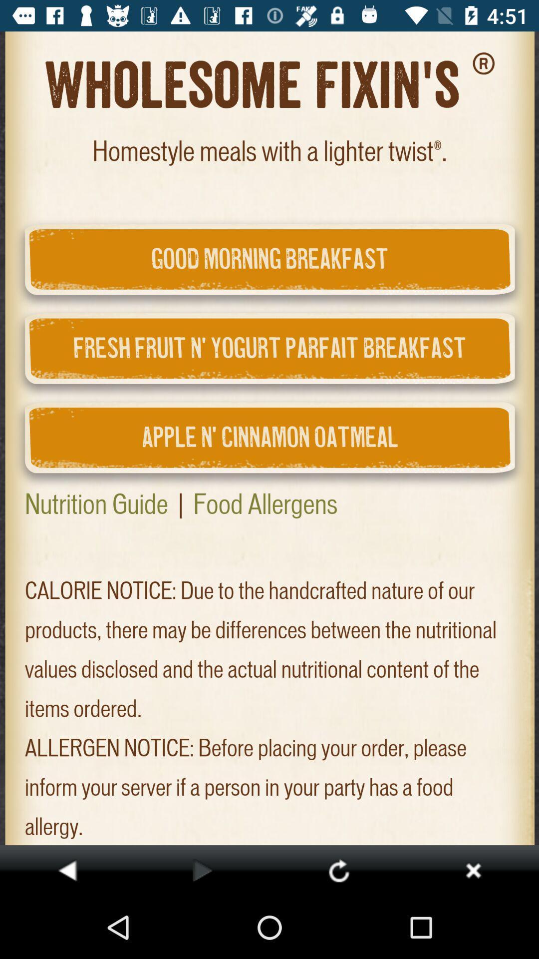 The height and width of the screenshot is (959, 539). What do you see at coordinates (338, 870) in the screenshot?
I see `retry` at bounding box center [338, 870].